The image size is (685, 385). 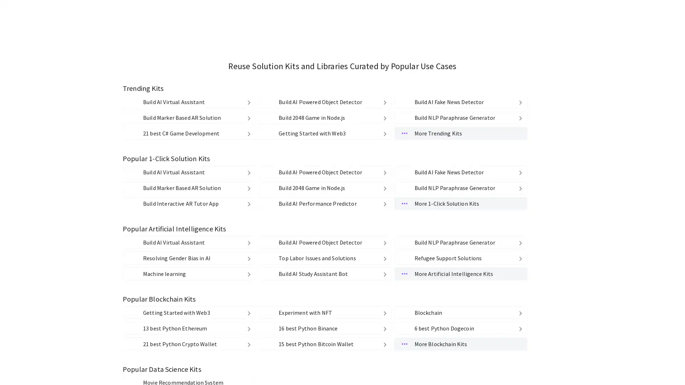 I want to click on csharp-game-development 21 best C# Game Development, so click(x=189, y=312).